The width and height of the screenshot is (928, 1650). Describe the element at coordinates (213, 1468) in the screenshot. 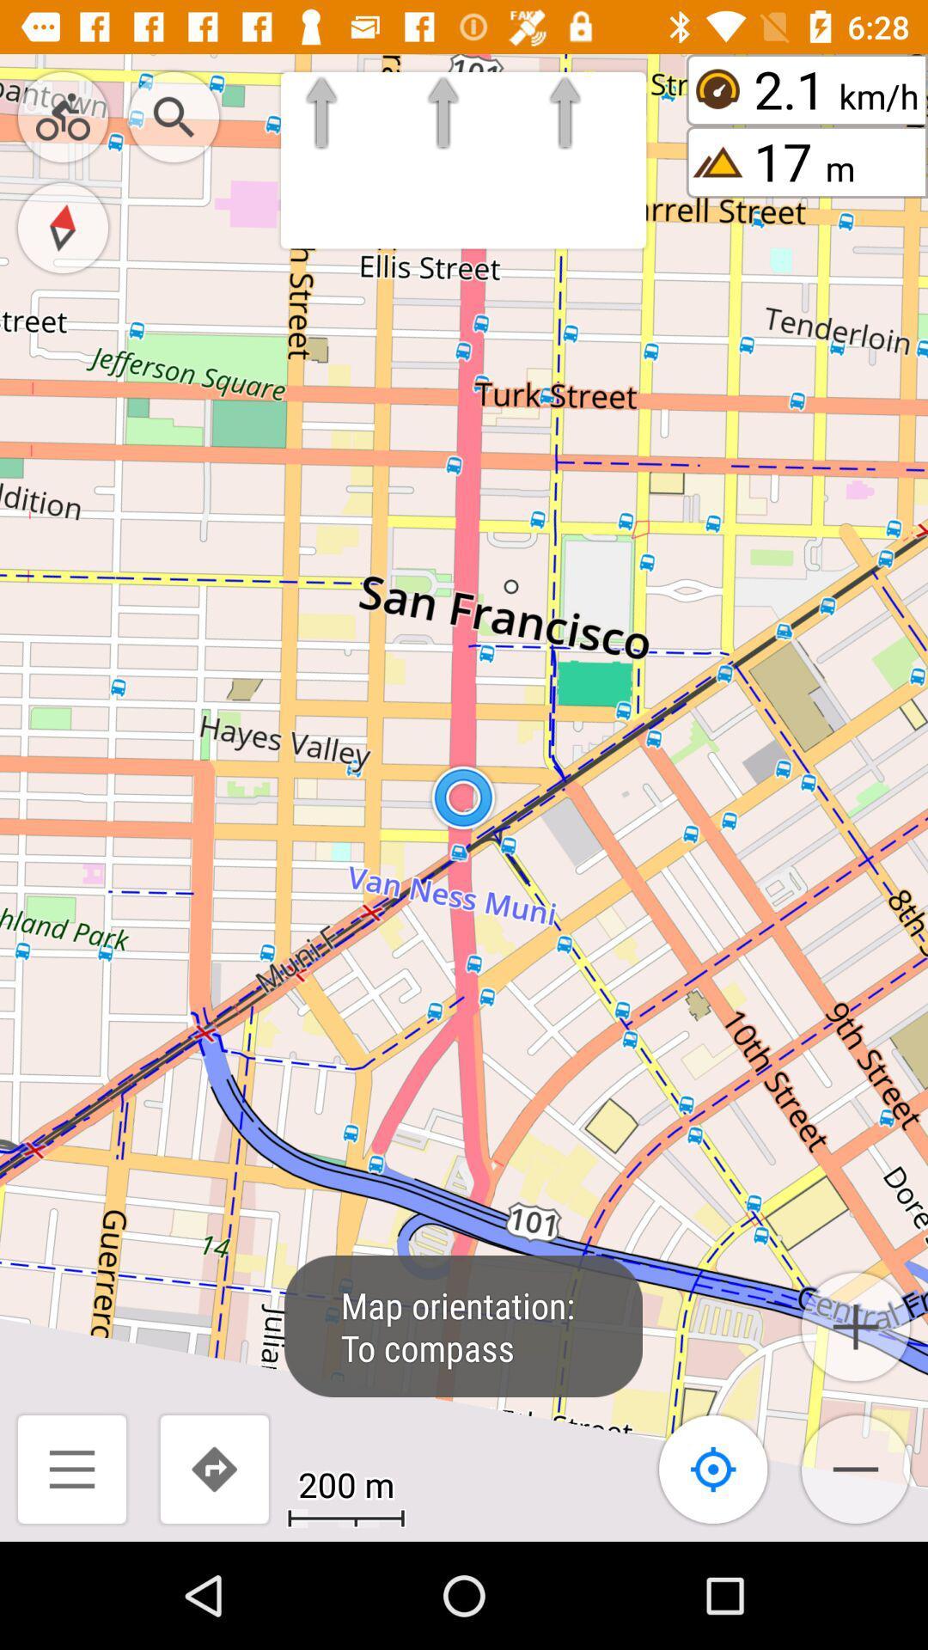

I see `the redo icon` at that location.